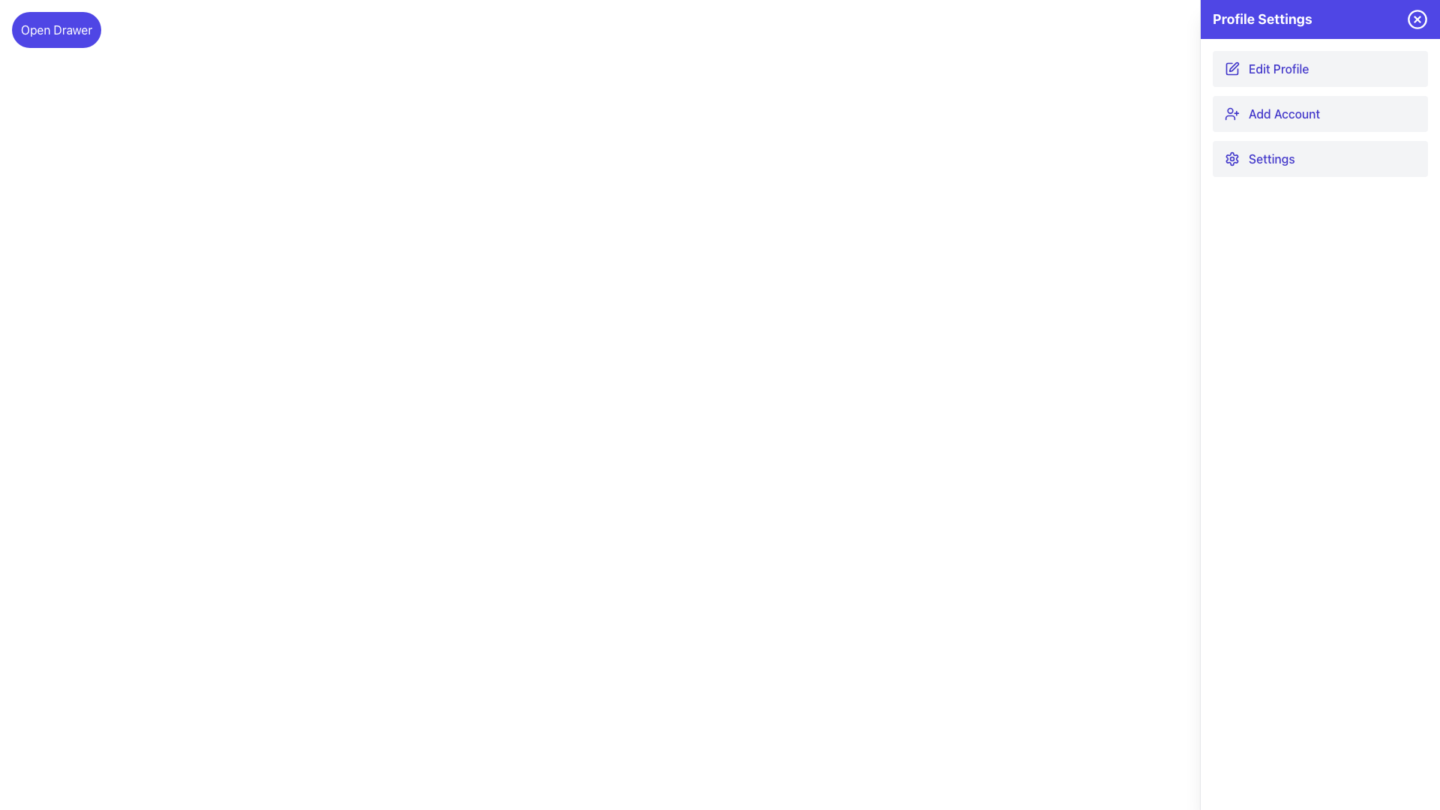 This screenshot has height=810, width=1440. Describe the element at coordinates (1278, 69) in the screenshot. I see `the 'Edit Profile' button in the right-side panel of the 'Profile Settings' section` at that location.